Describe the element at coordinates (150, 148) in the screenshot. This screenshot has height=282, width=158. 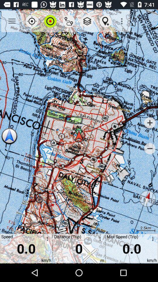
I see `the zoom_out icon` at that location.